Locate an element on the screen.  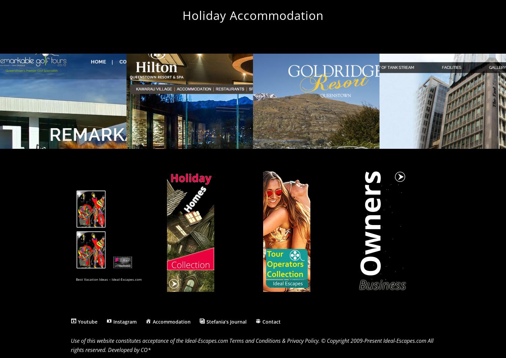
'Use of this website constitutes acceptance of the Ideal-Escapes.com' is located at coordinates (150, 340).